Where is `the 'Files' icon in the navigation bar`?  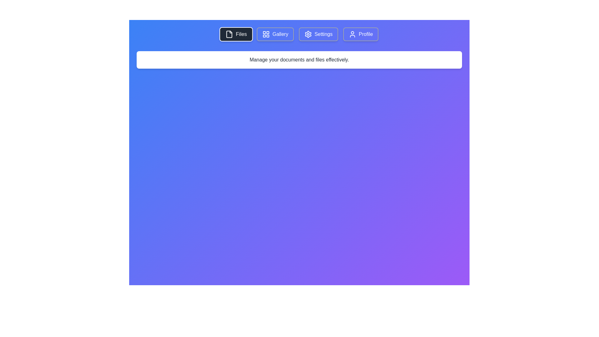 the 'Files' icon in the navigation bar is located at coordinates (229, 34).